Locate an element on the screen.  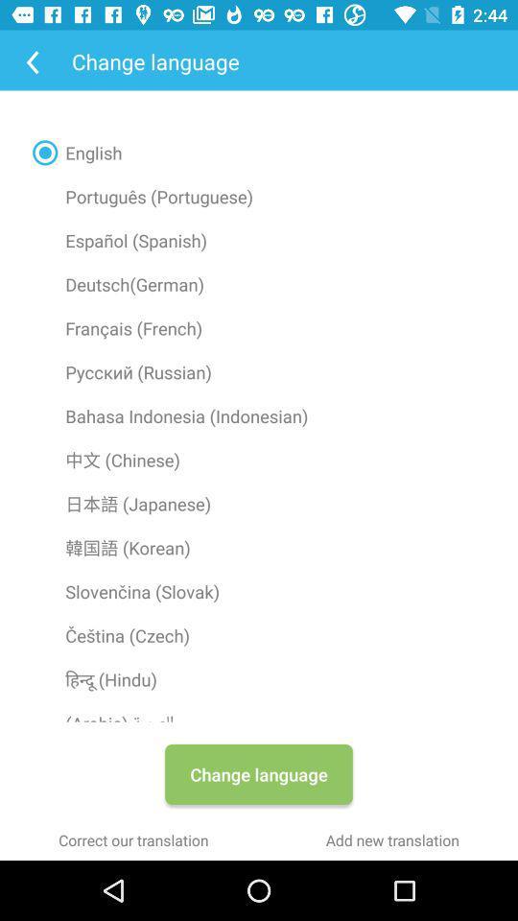
the deutsch(german) item is located at coordinates (259, 283).